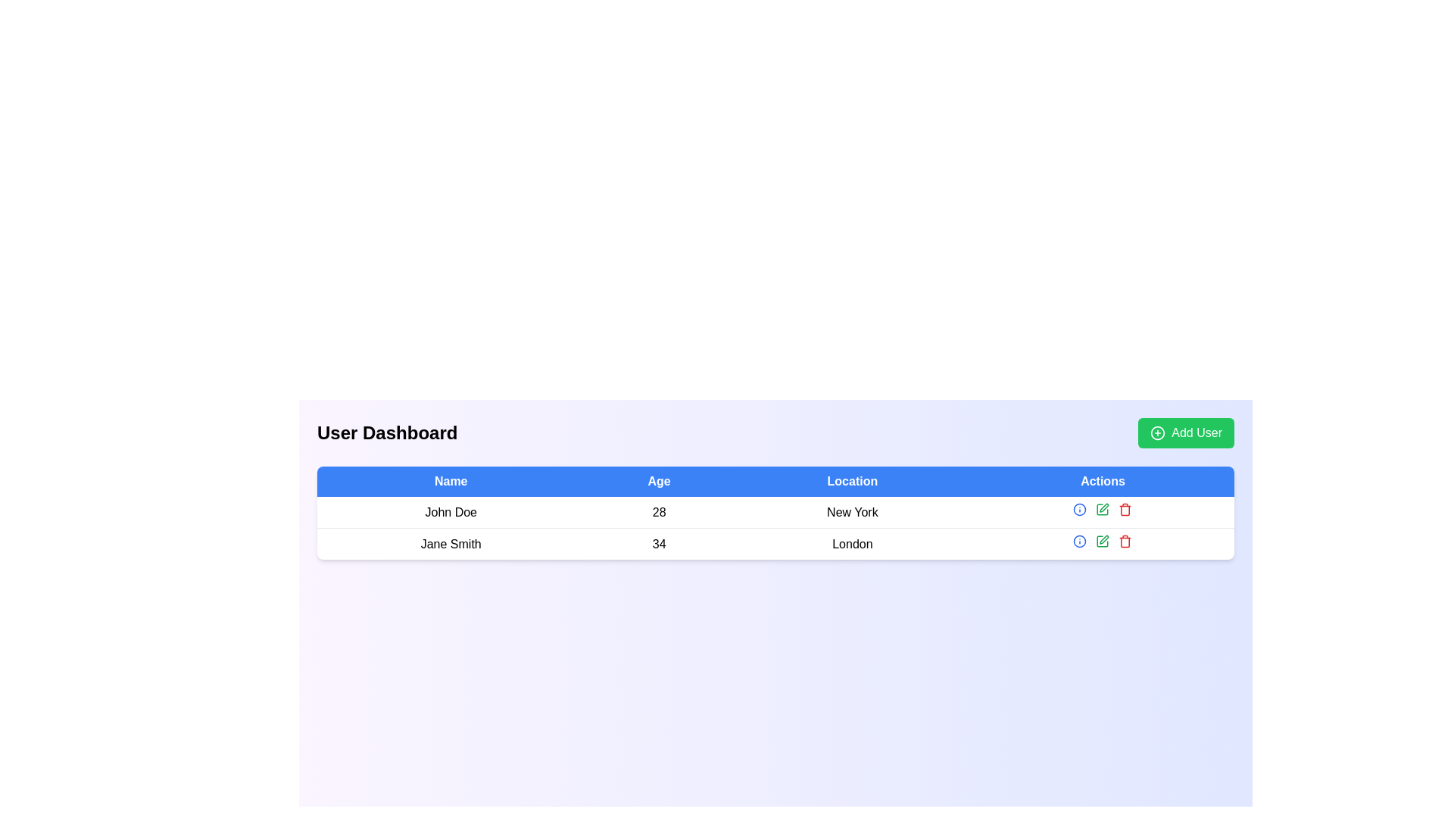  What do you see at coordinates (852, 482) in the screenshot?
I see `the third column header cell in the table, which is positioned between the 'Age' and 'Actions' columns and serves as a label for location-related information` at bounding box center [852, 482].